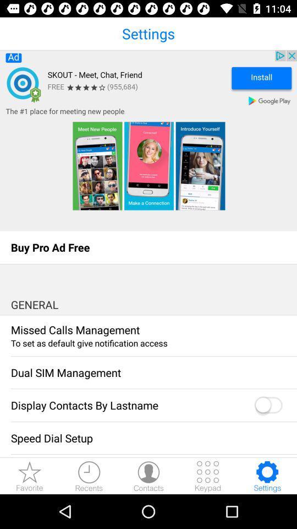  What do you see at coordinates (148, 476) in the screenshot?
I see `contact screen` at bounding box center [148, 476].